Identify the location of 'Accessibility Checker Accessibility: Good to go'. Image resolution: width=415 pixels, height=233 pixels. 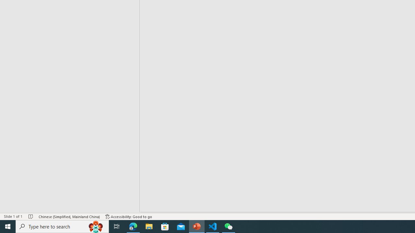
(129, 216).